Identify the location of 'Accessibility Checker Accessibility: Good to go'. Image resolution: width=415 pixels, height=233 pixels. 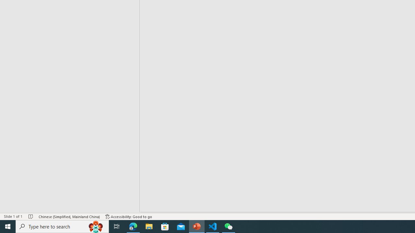
(129, 216).